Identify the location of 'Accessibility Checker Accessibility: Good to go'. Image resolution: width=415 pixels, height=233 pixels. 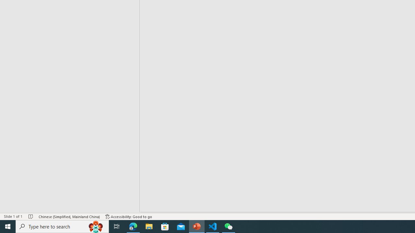
(129, 216).